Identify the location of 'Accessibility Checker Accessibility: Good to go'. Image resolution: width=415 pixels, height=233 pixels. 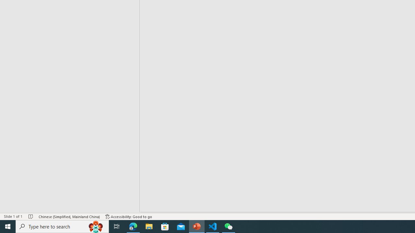
(129, 216).